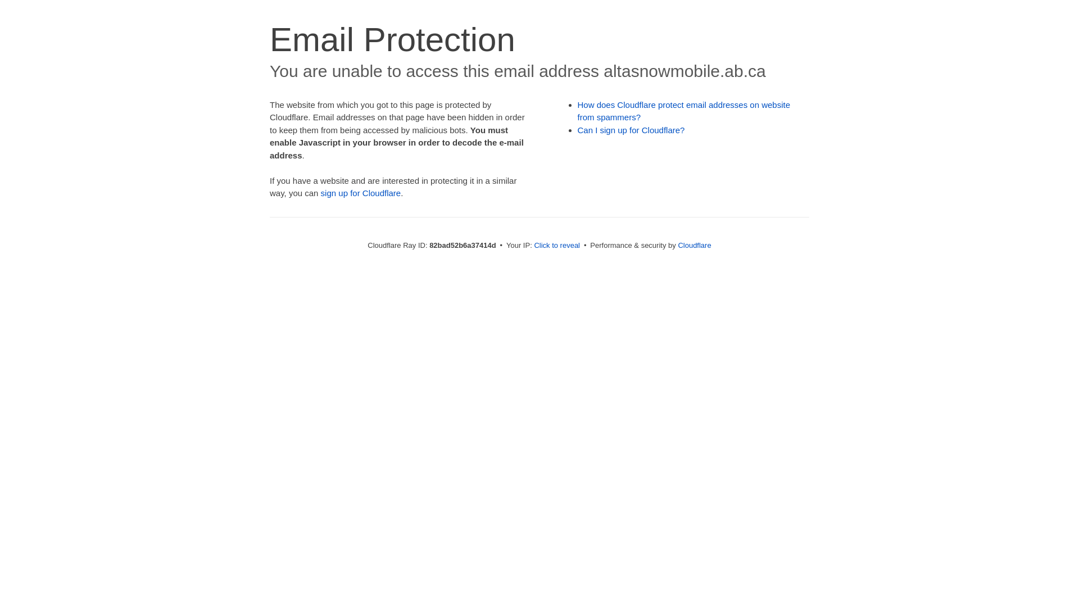 Image resolution: width=1079 pixels, height=607 pixels. I want to click on 'Cloudflare', so click(693, 244).